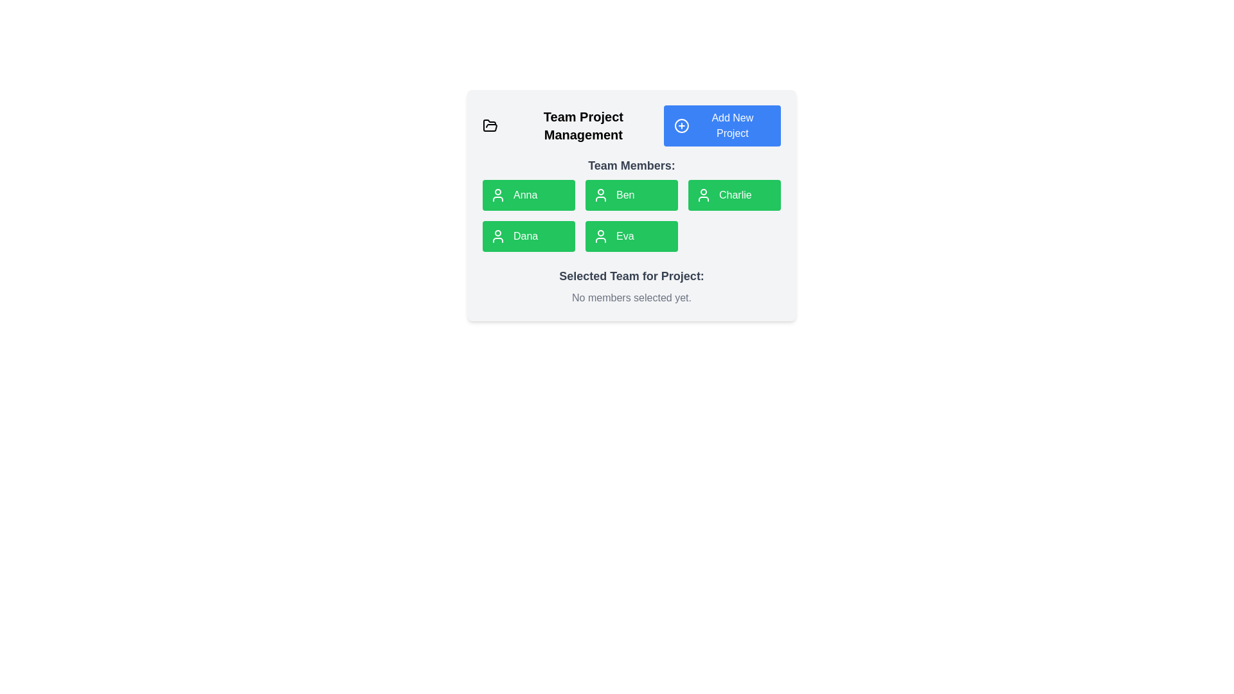 The height and width of the screenshot is (694, 1234). What do you see at coordinates (490, 125) in the screenshot?
I see `the folder SVG icon located in the upper-left corner of the 'Team Project Management' section` at bounding box center [490, 125].